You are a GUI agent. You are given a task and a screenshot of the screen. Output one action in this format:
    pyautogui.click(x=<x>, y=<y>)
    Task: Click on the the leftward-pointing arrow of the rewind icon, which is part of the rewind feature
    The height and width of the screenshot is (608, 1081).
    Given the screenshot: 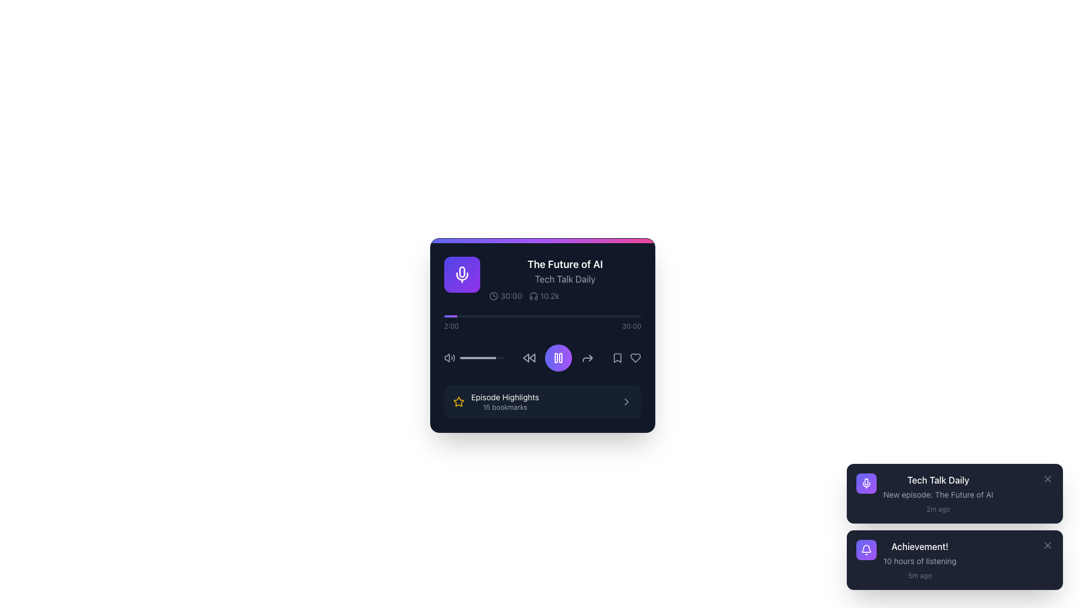 What is the action you would take?
    pyautogui.click(x=525, y=358)
    